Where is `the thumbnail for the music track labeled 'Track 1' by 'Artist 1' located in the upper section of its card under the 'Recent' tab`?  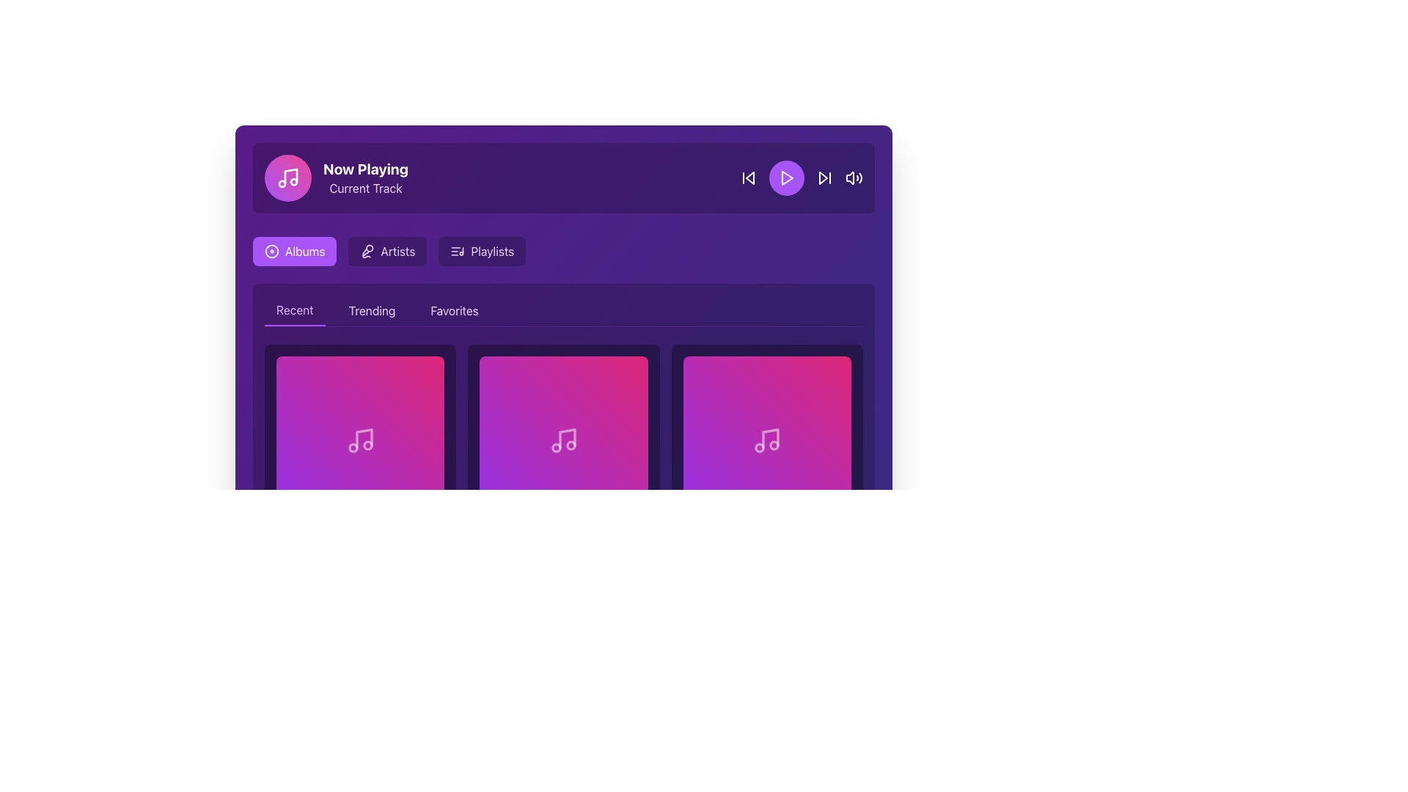 the thumbnail for the music track labeled 'Track 1' by 'Artist 1' located in the upper section of its card under the 'Recent' tab is located at coordinates (360, 439).